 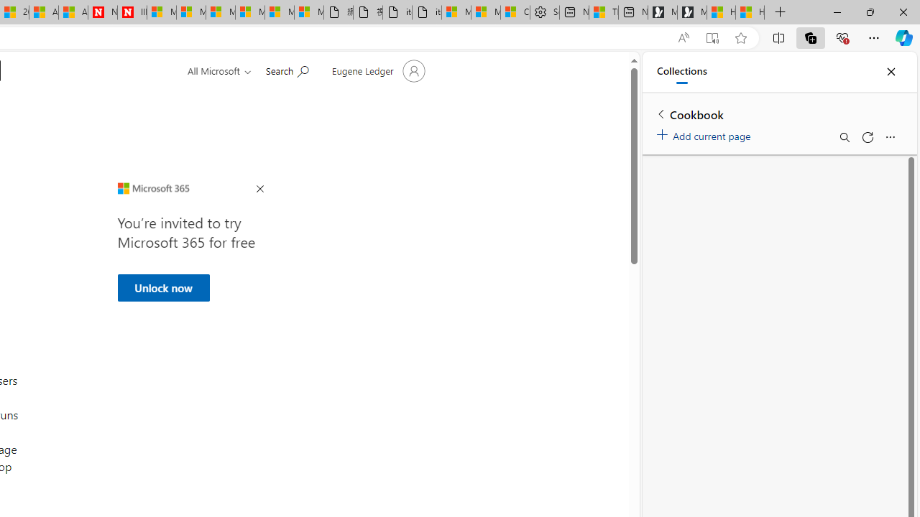 I want to click on 'Add current page', so click(x=707, y=134).